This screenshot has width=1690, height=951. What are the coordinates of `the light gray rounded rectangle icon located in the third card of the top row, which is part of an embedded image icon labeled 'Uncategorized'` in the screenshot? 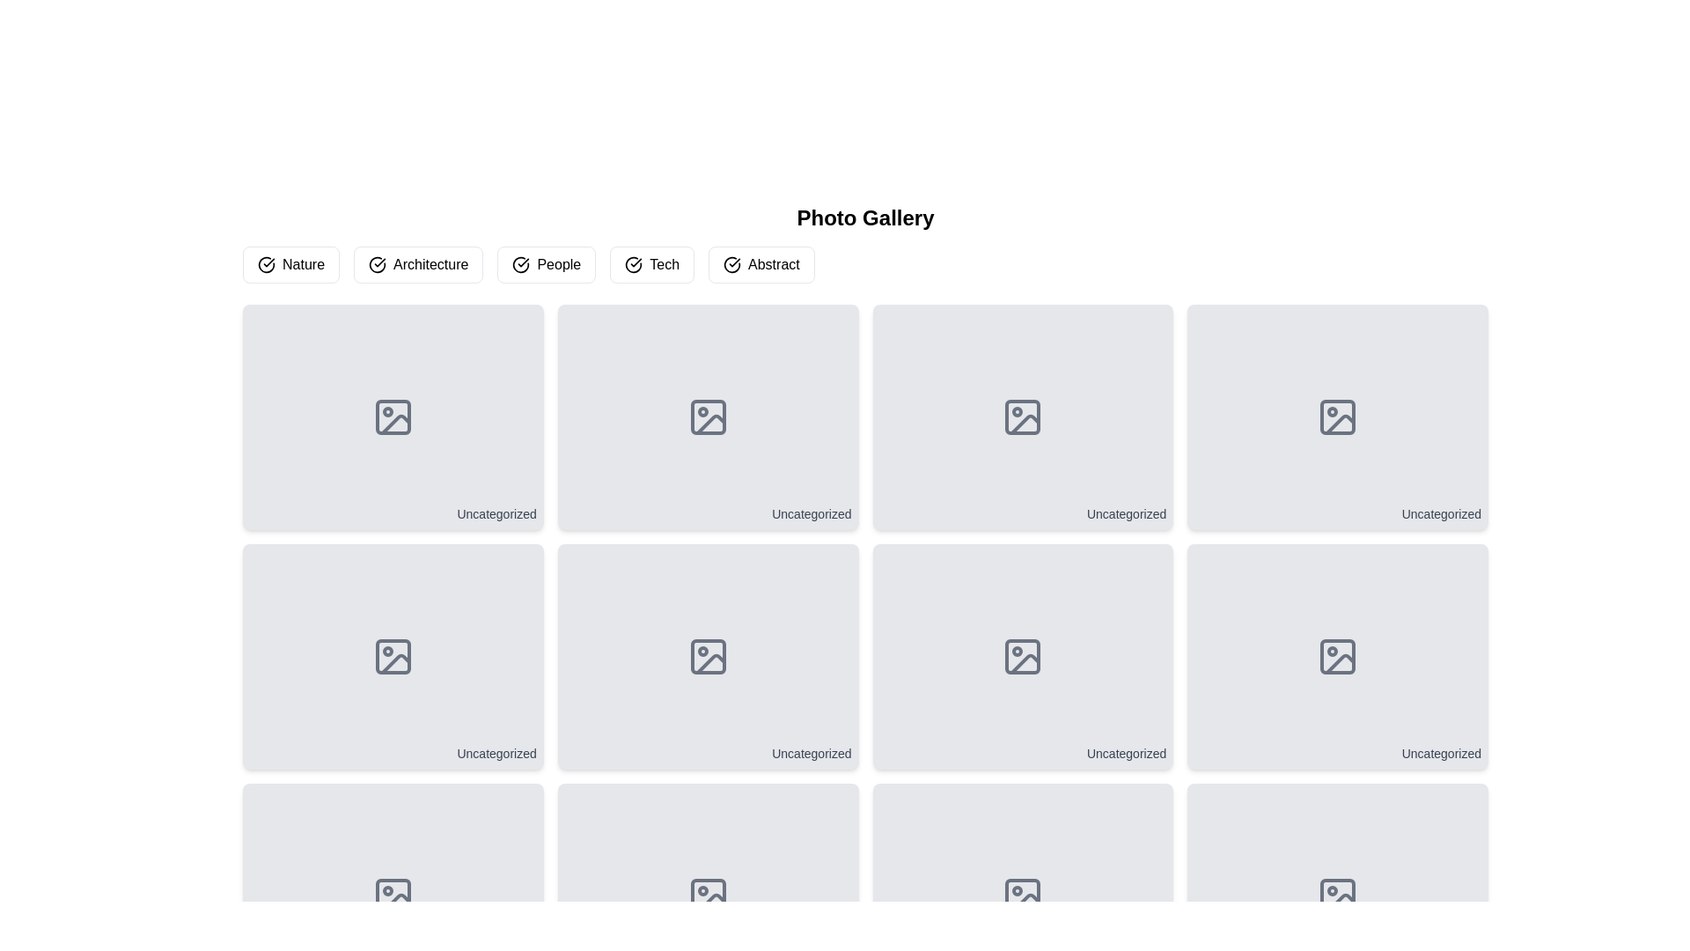 It's located at (1338, 417).